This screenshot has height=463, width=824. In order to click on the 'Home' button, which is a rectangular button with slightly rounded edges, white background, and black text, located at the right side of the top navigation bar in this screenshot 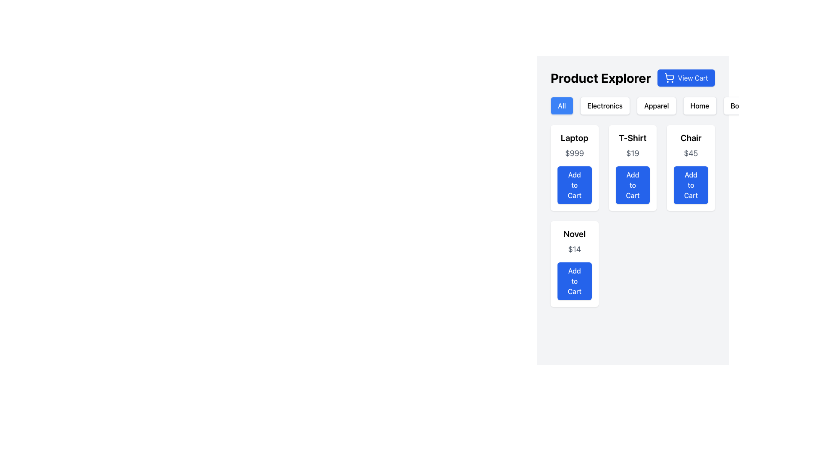, I will do `click(700, 105)`.